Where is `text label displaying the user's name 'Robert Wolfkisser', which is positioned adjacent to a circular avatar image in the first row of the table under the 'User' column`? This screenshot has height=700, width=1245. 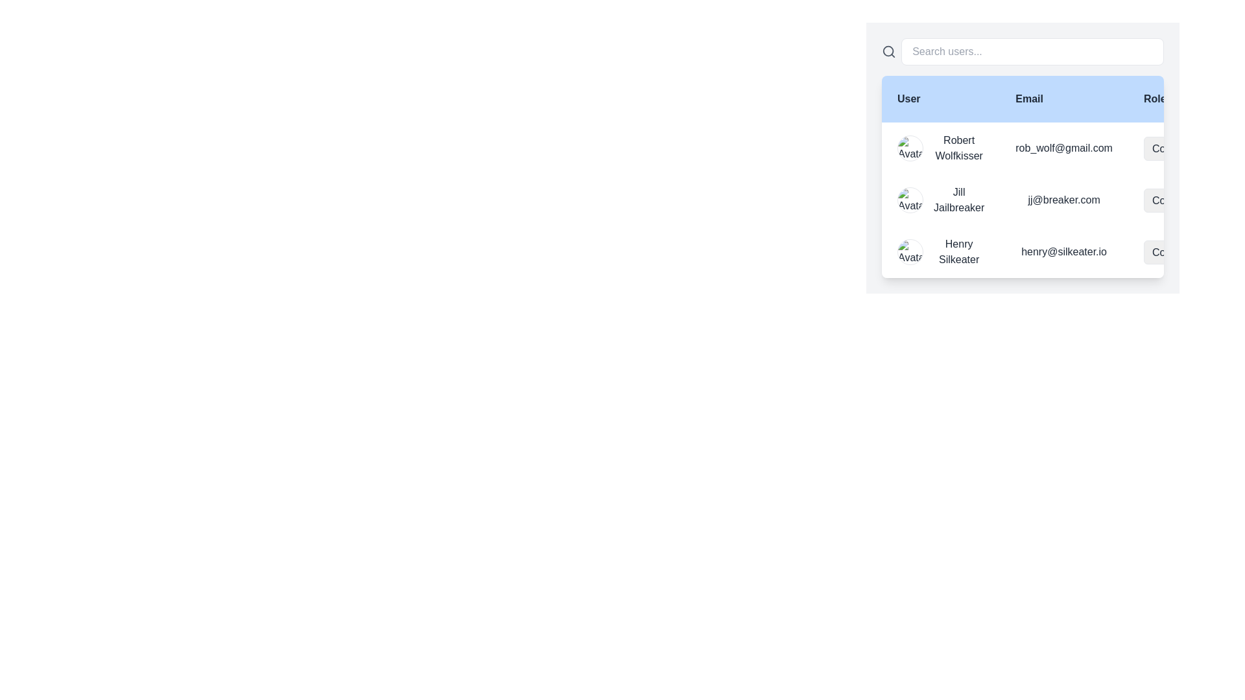 text label displaying the user's name 'Robert Wolfkisser', which is positioned adjacent to a circular avatar image in the first row of the table under the 'User' column is located at coordinates (941, 147).